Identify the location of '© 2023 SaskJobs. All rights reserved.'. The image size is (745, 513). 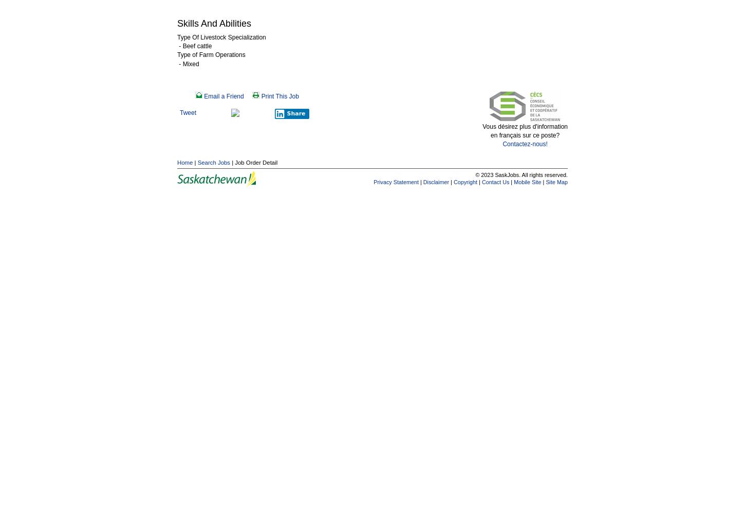
(521, 174).